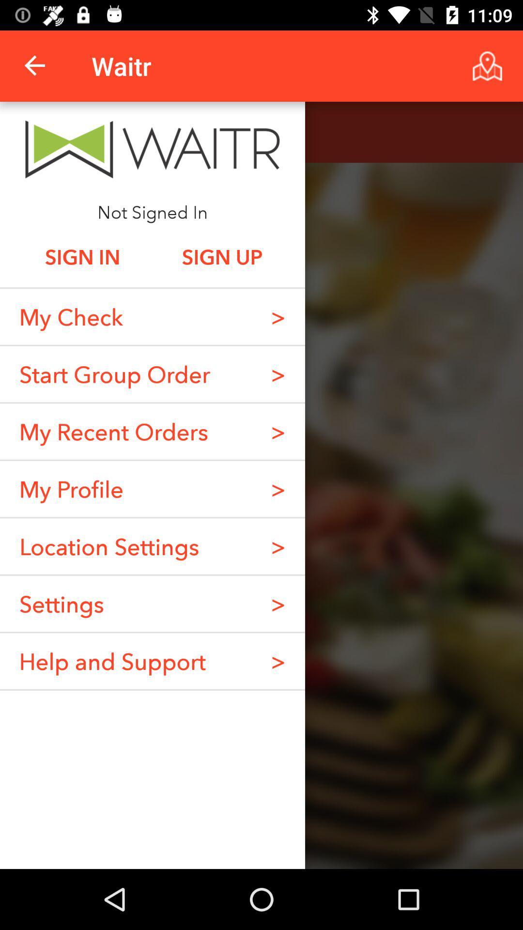  Describe the element at coordinates (278, 603) in the screenshot. I see `the item below the > item` at that location.